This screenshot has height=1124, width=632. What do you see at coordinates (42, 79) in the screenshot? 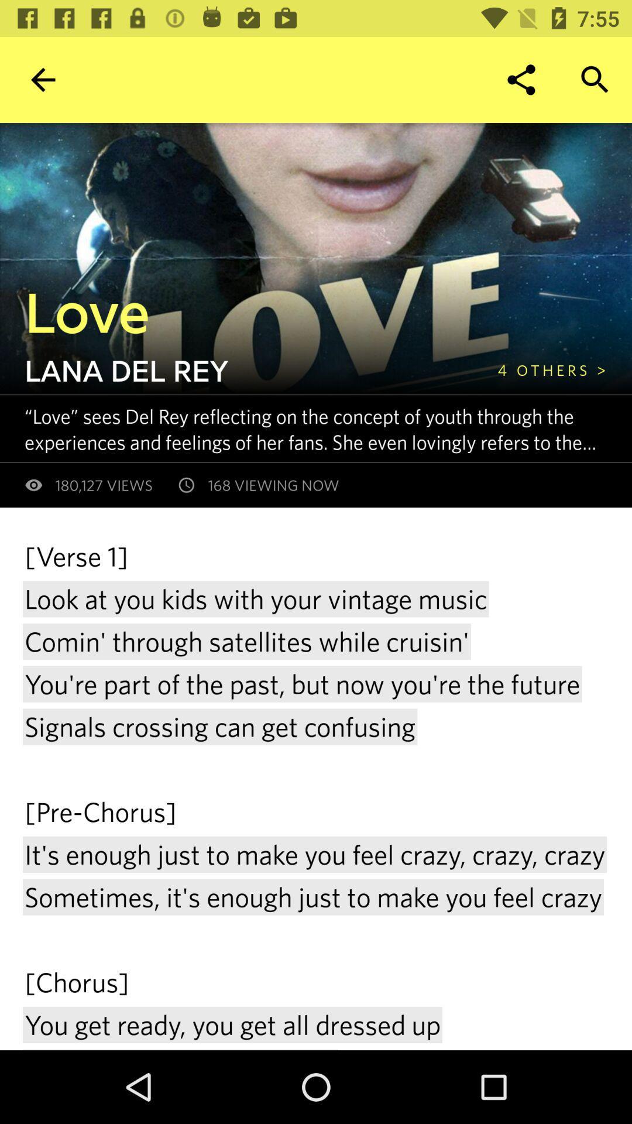
I see `the icon at the top left corner` at bounding box center [42, 79].